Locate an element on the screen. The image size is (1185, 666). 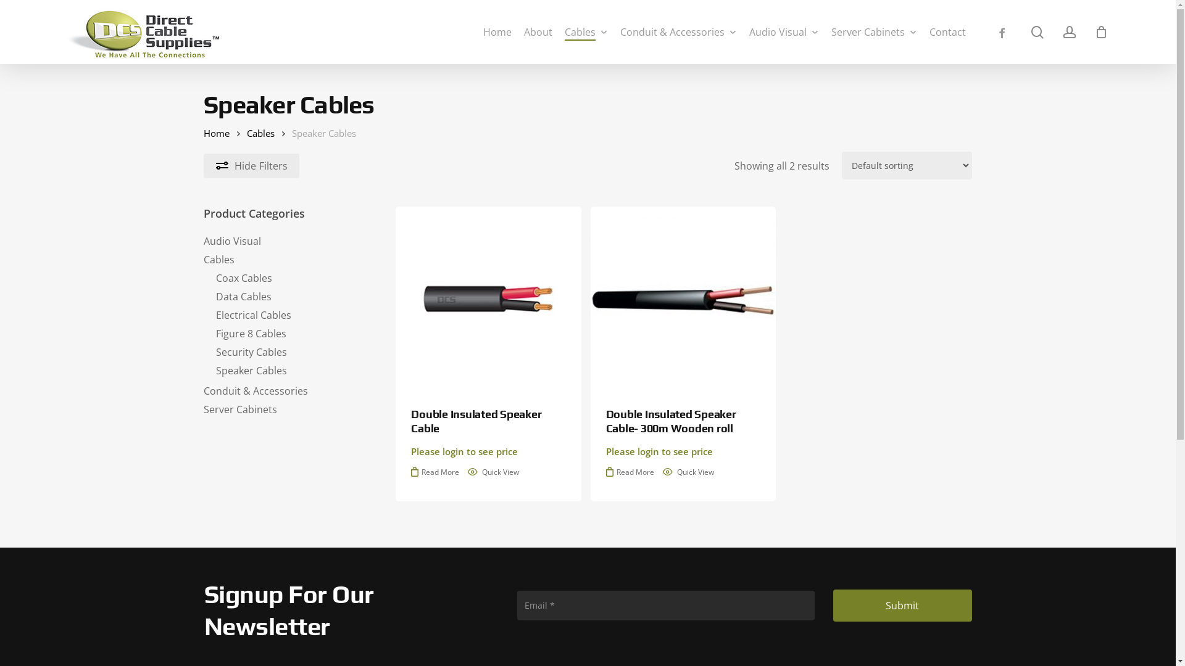
'account' is located at coordinates (1068, 31).